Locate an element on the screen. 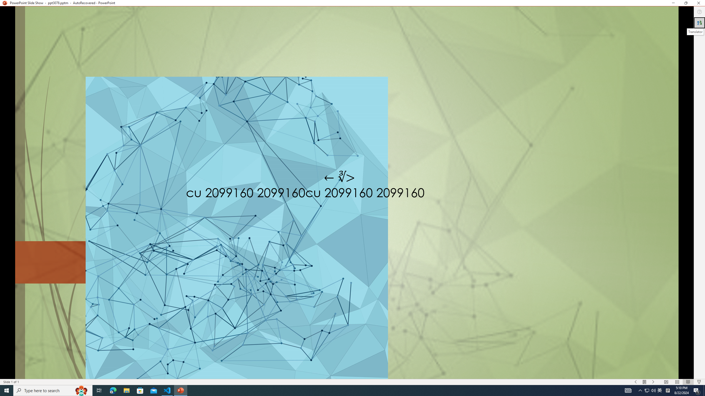  'Menu On' is located at coordinates (644, 382).